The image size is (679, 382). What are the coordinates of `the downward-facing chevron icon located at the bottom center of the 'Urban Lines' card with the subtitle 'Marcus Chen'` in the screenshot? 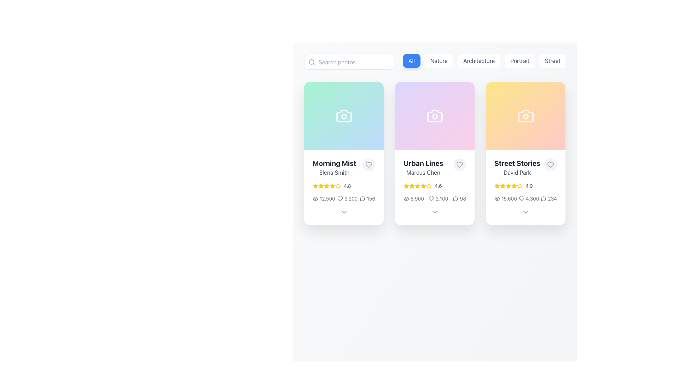 It's located at (434, 212).